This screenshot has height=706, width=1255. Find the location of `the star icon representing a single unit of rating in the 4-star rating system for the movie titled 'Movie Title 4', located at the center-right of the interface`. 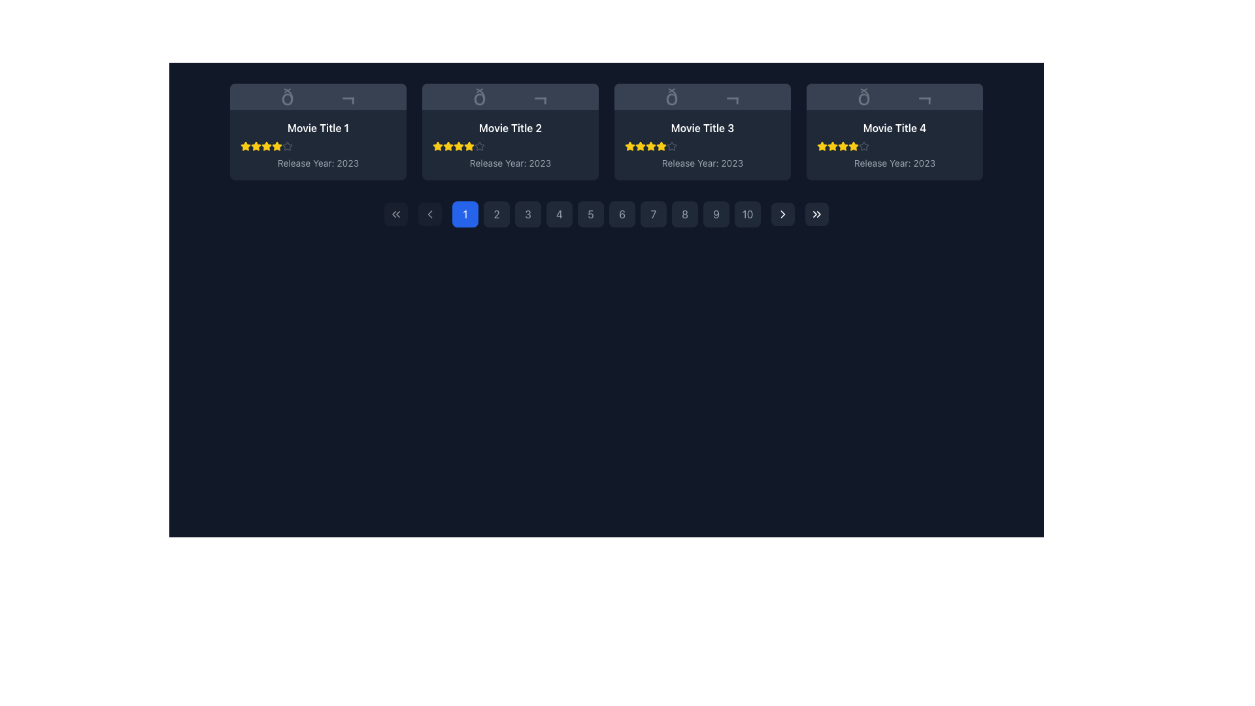

the star icon representing a single unit of rating in the 4-star rating system for the movie titled 'Movie Title 4', located at the center-right of the interface is located at coordinates (821, 146).